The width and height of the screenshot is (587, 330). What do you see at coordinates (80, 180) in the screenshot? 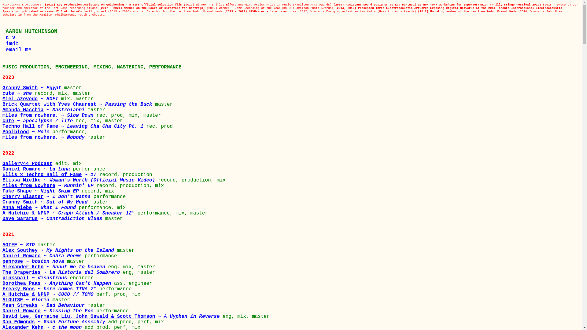
I see `'Elissa Mielke ~ Woman's Worth (Official Music Video)'` at bounding box center [80, 180].